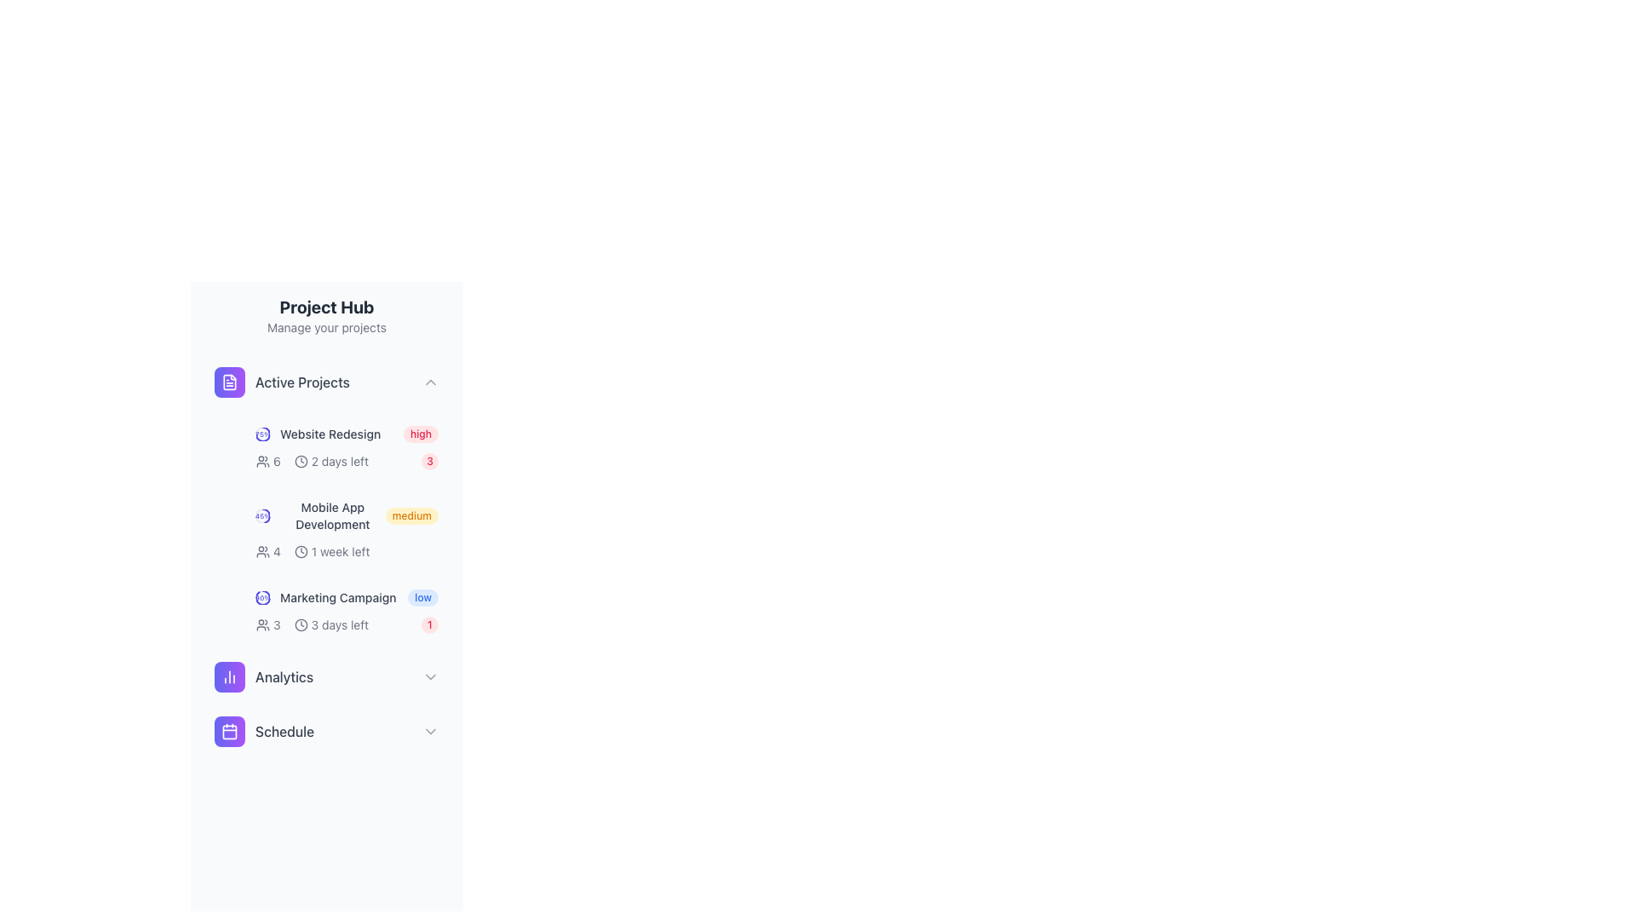 This screenshot has width=1635, height=920. I want to click on the label/tag element displaying the text 'low' with a blue background in the 'Marketing Campaign' row under the 'Active Projects' section, so click(423, 597).